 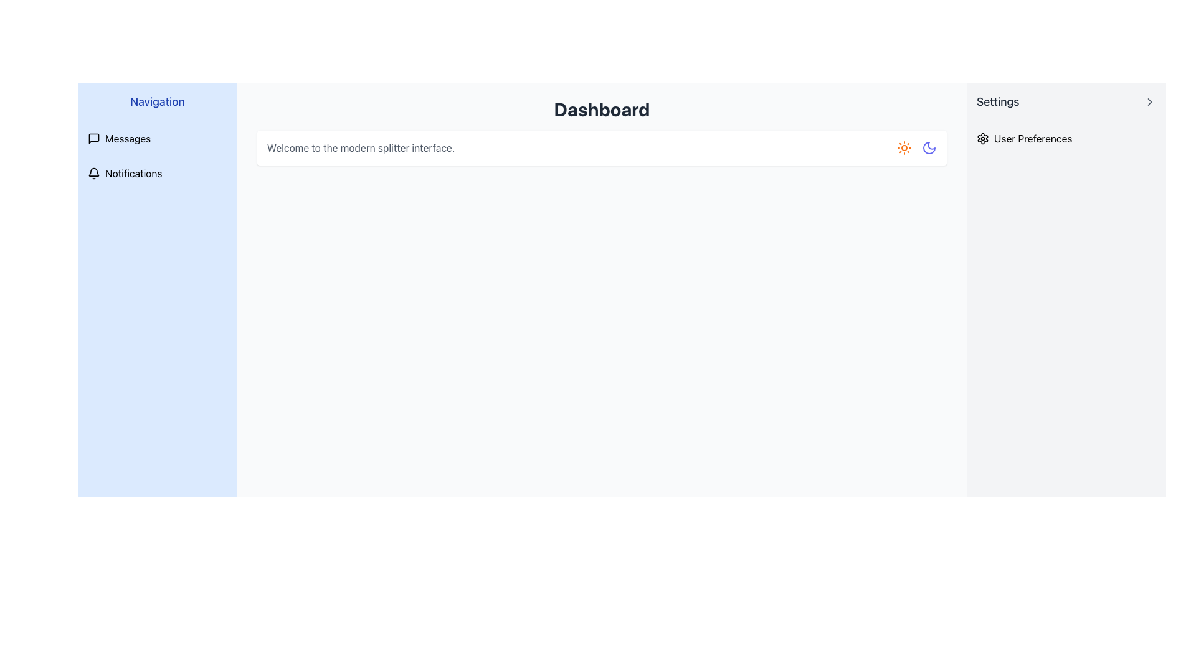 What do you see at coordinates (1066, 101) in the screenshot?
I see `the navigational link at the top of the sidebar that indicates access to the 'Settings' section` at bounding box center [1066, 101].